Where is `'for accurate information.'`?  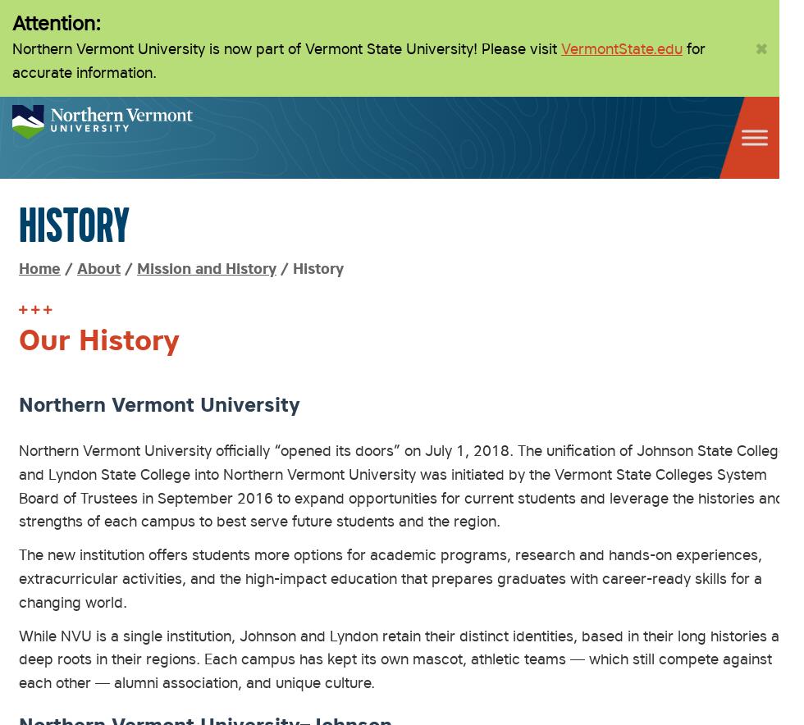 'for accurate information.' is located at coordinates (359, 59).